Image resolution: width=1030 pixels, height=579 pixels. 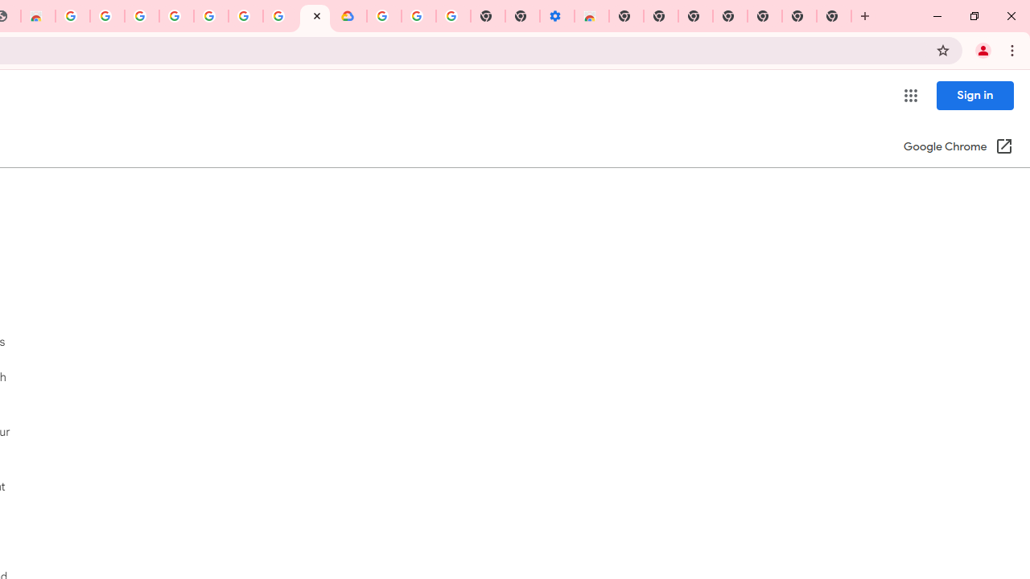 I want to click on 'Google apps', so click(x=911, y=96).